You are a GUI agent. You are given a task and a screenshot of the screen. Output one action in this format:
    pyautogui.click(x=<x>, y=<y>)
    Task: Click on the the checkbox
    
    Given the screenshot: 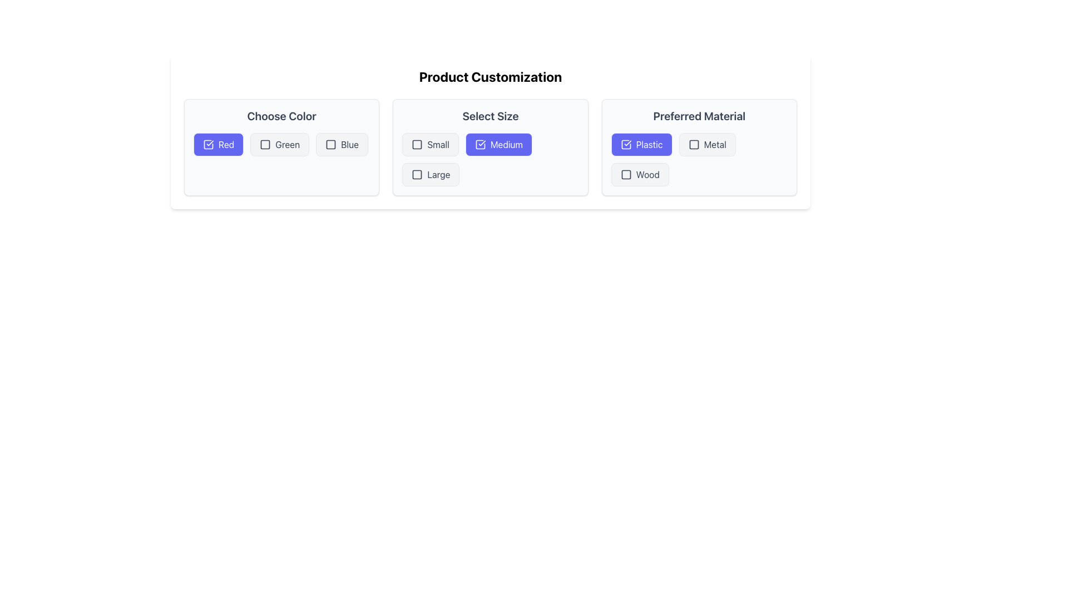 What is the action you would take?
    pyautogui.click(x=640, y=174)
    